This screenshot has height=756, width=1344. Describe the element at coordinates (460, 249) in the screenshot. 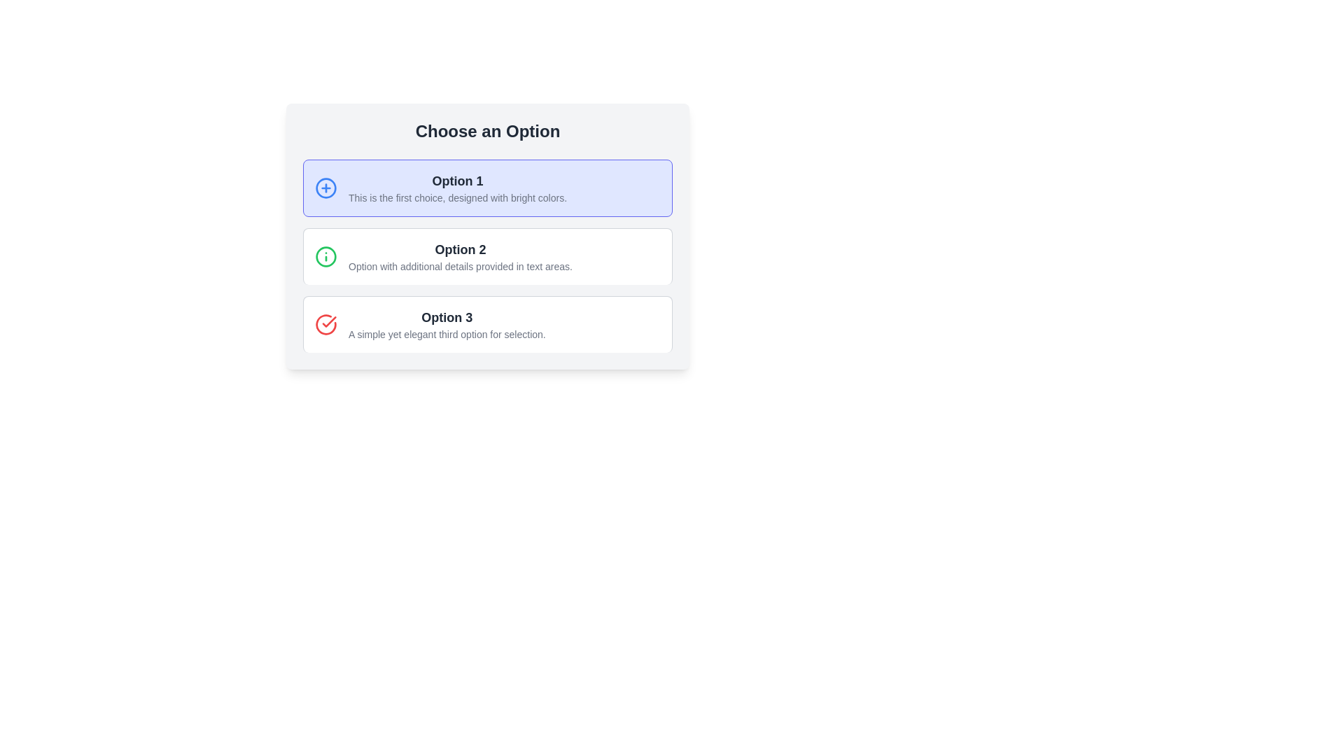

I see `the text element displaying 'Option 2', which is styled in bold and larger size, located in the UI panel below 'Option 1'` at that location.